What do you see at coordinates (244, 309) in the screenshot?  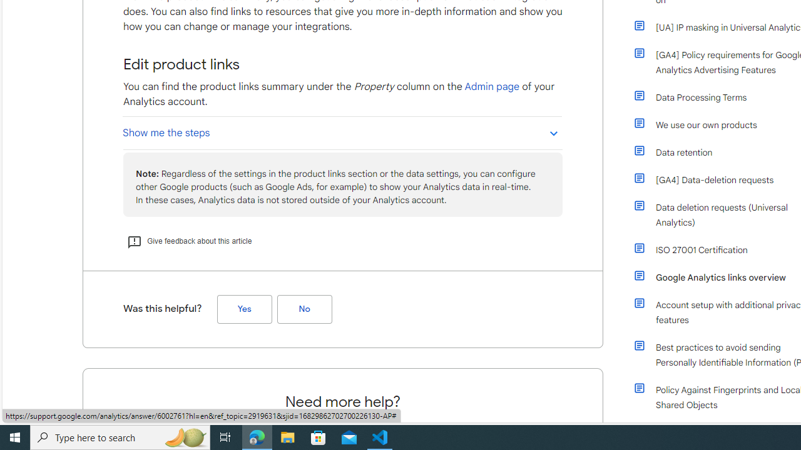 I see `'Yes (Was this helpful?)'` at bounding box center [244, 309].